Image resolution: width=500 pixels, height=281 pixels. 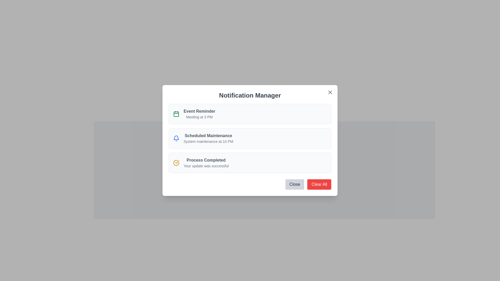 What do you see at coordinates (250, 138) in the screenshot?
I see `notification details from the second notification card titled 'Scheduled Maintenance' in the 'Notification Manager' modal window` at bounding box center [250, 138].